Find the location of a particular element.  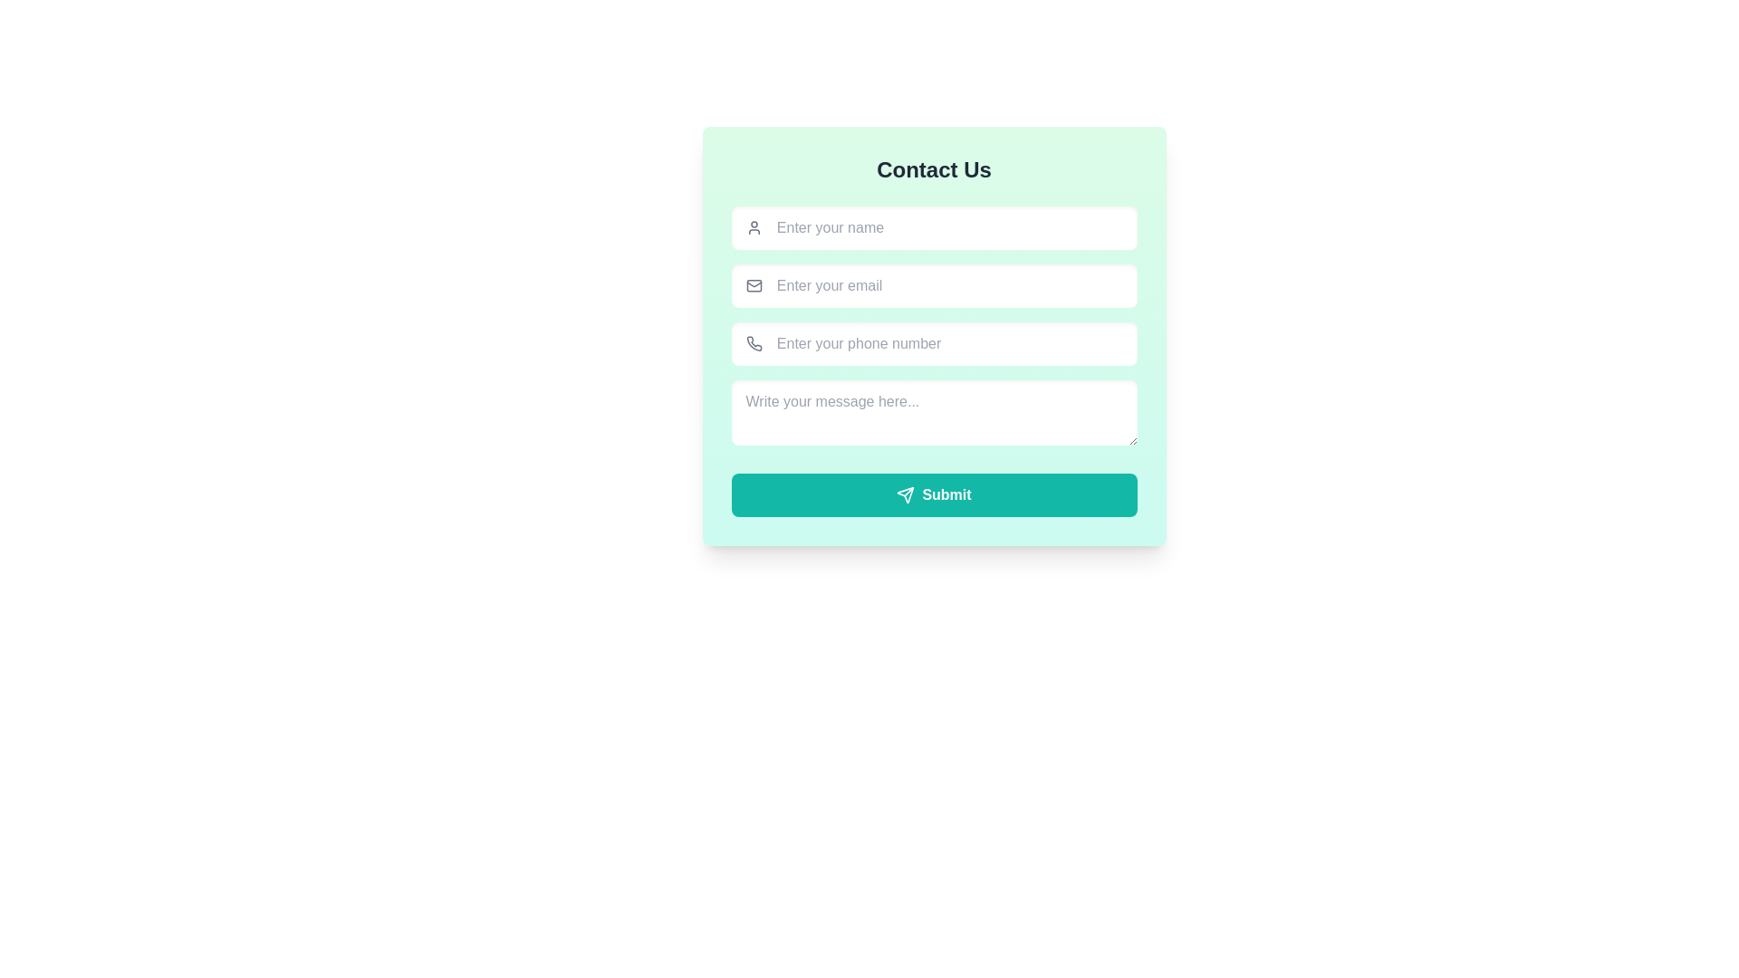

the user icon, which is an outline of a person's head and shoulders, gray in color, located to the left of the 'Enter your name' input field is located at coordinates (754, 226).